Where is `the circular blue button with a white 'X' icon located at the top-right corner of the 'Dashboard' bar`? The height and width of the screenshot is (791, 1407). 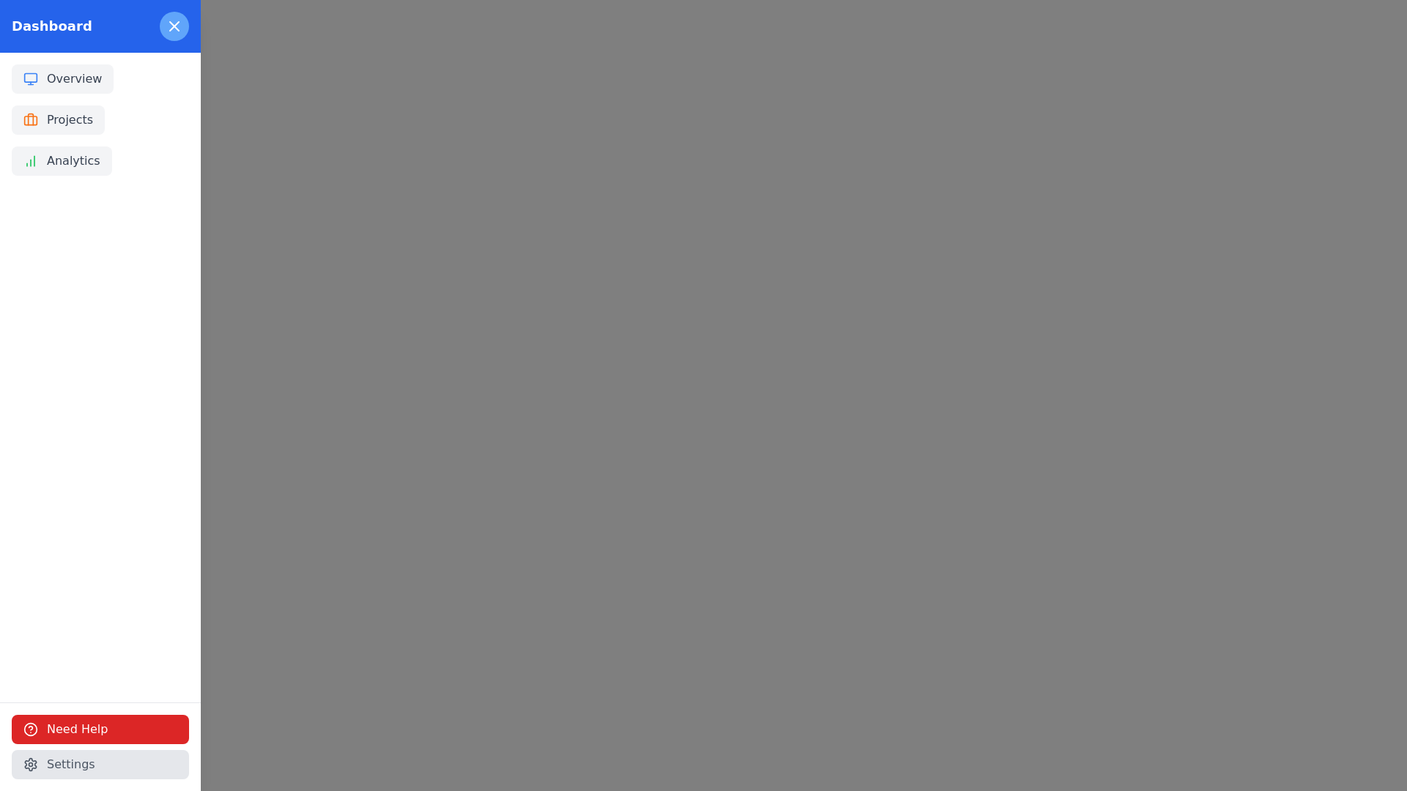
the circular blue button with a white 'X' icon located at the top-right corner of the 'Dashboard' bar is located at coordinates (174, 26).